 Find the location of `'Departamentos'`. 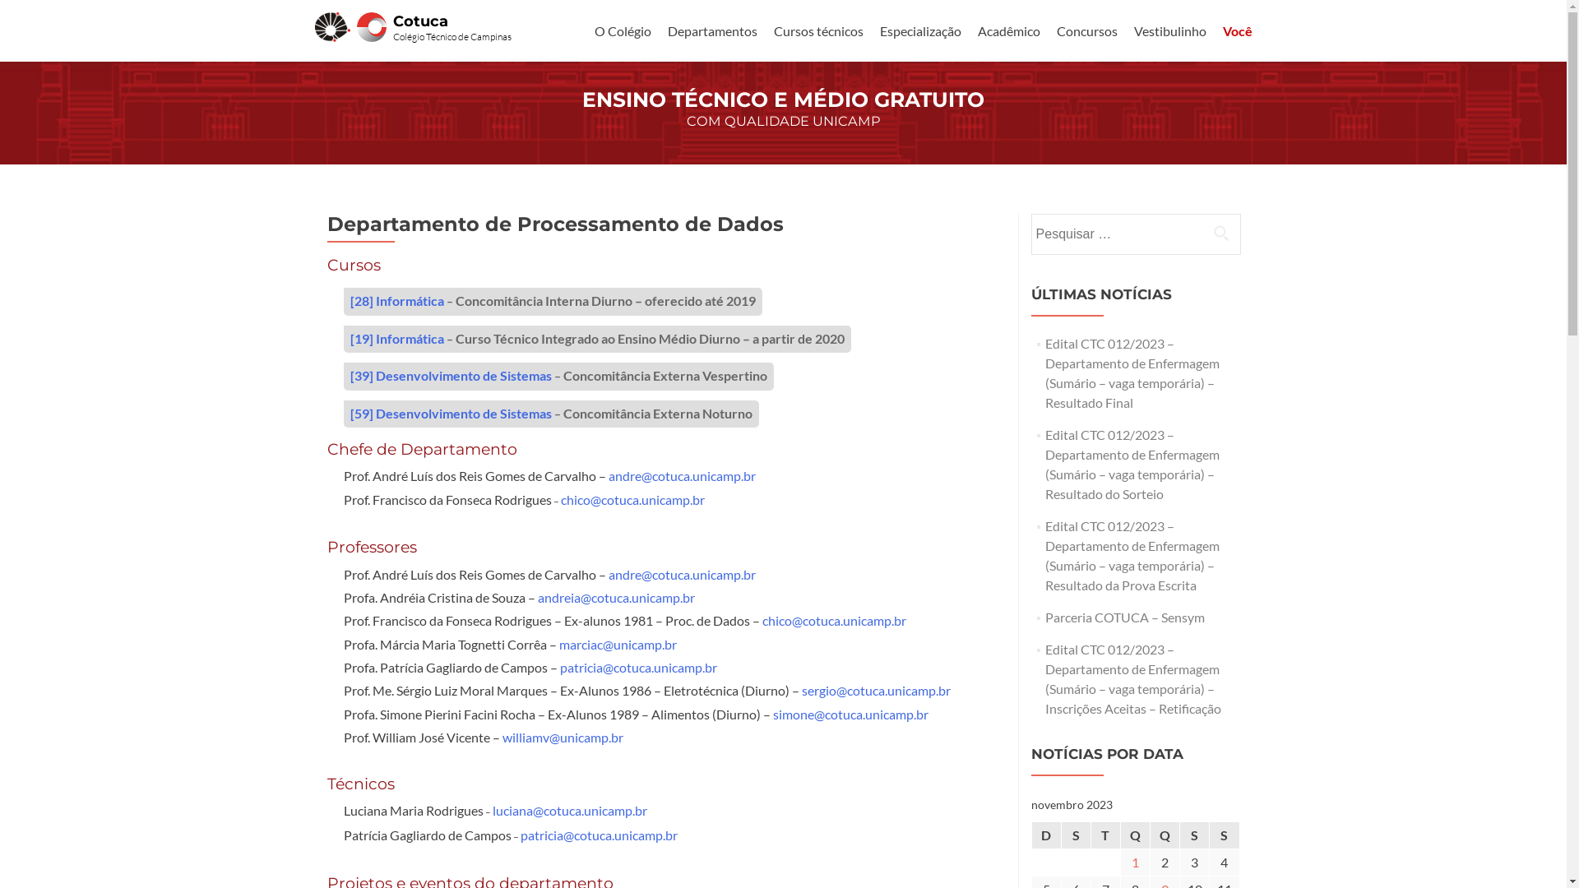

'Departamentos' is located at coordinates (667, 30).